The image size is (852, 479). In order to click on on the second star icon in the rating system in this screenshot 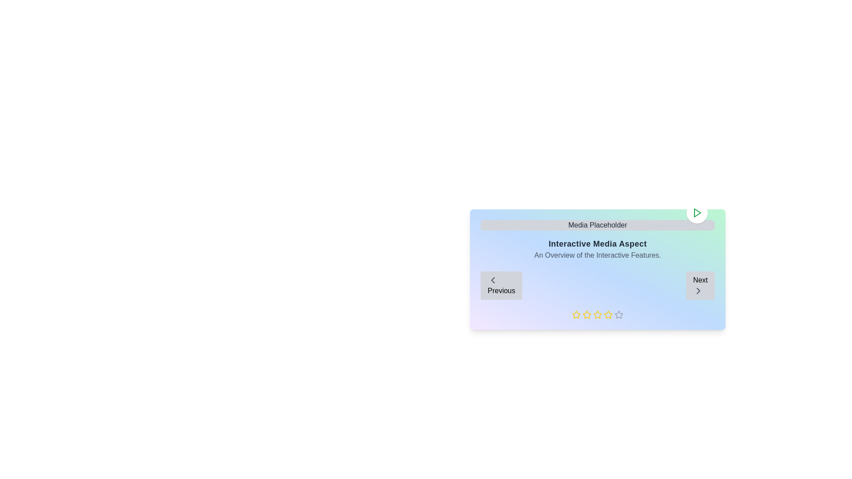, I will do `click(586, 314)`.